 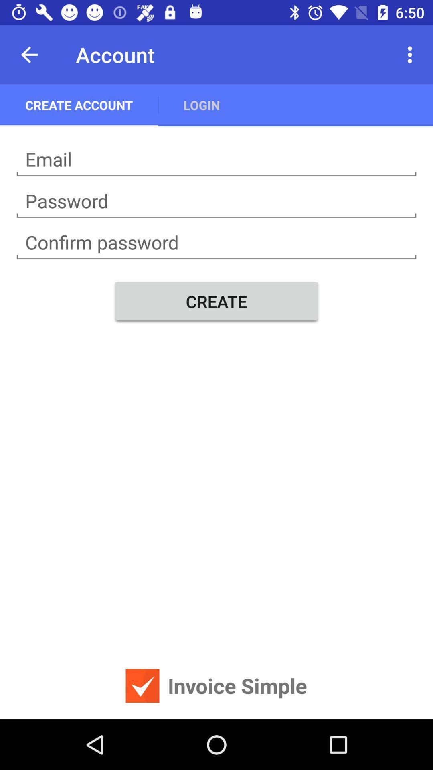 What do you see at coordinates (216, 160) in the screenshot?
I see `creat` at bounding box center [216, 160].